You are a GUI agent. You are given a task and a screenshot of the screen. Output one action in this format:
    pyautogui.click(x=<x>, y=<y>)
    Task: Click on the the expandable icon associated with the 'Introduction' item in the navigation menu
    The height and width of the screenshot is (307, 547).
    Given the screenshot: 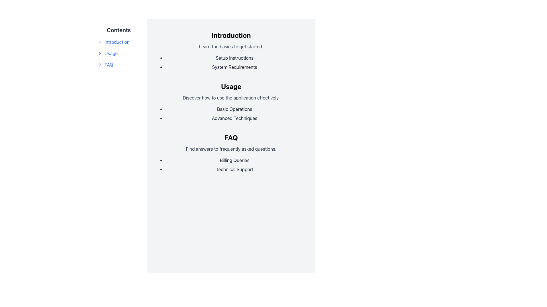 What is the action you would take?
    pyautogui.click(x=100, y=42)
    